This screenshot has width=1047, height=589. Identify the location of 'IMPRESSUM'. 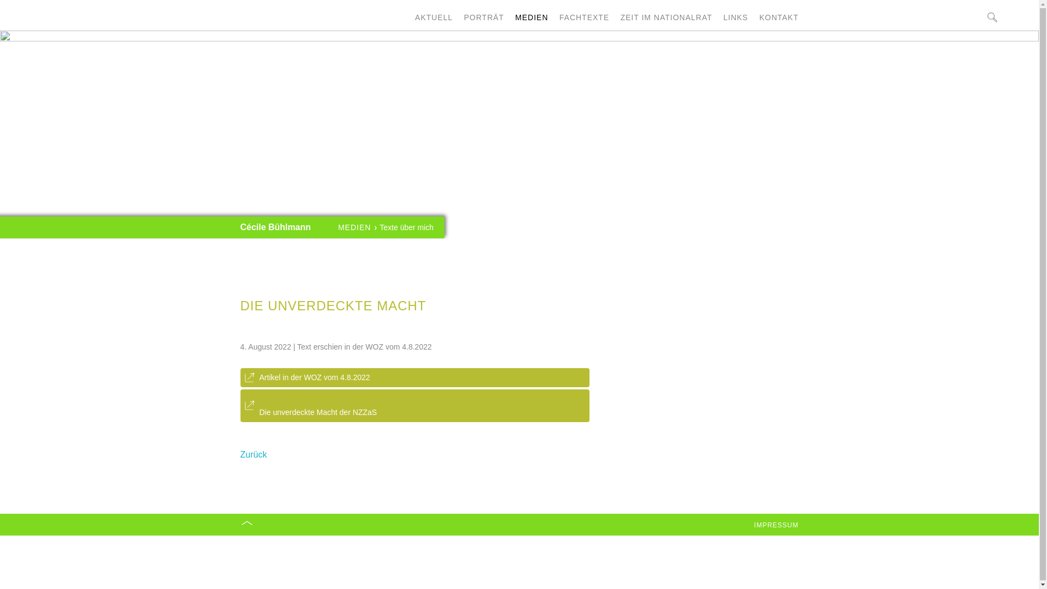
(776, 524).